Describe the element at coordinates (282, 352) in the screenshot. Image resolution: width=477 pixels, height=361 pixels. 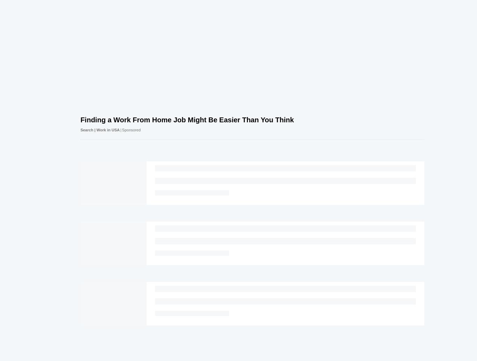
I see `'Terms & Conditions'` at that location.